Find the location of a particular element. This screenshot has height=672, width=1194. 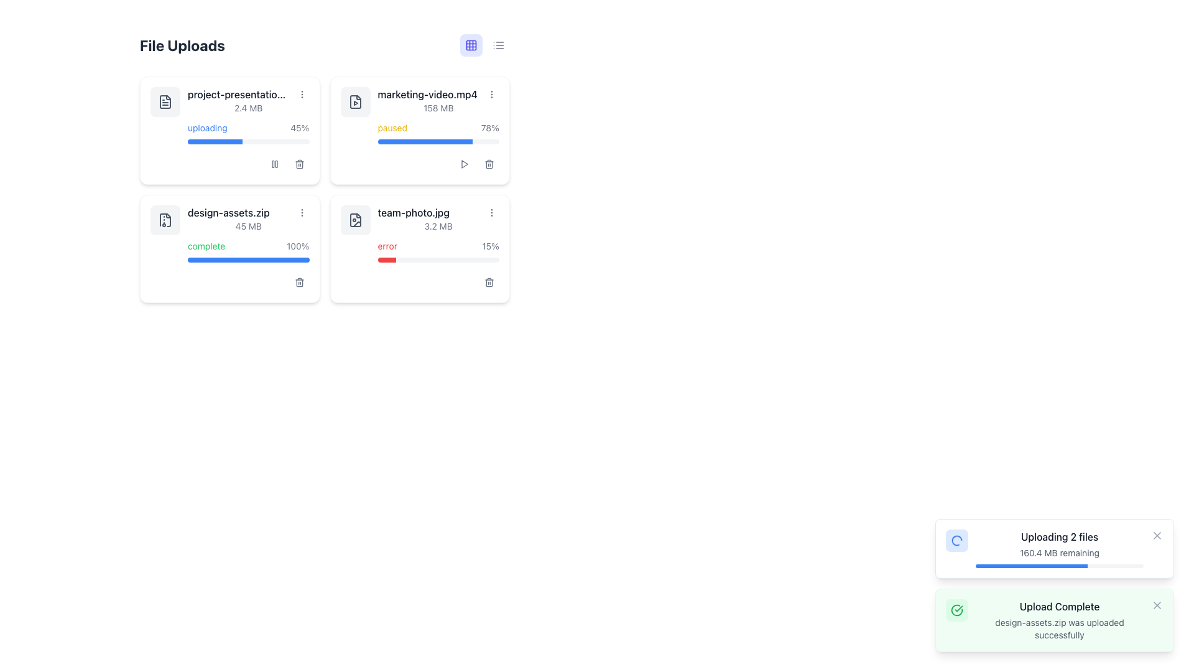

the Interactive menu button, which is represented by three vertically stacked grey dots, located is located at coordinates (302, 93).